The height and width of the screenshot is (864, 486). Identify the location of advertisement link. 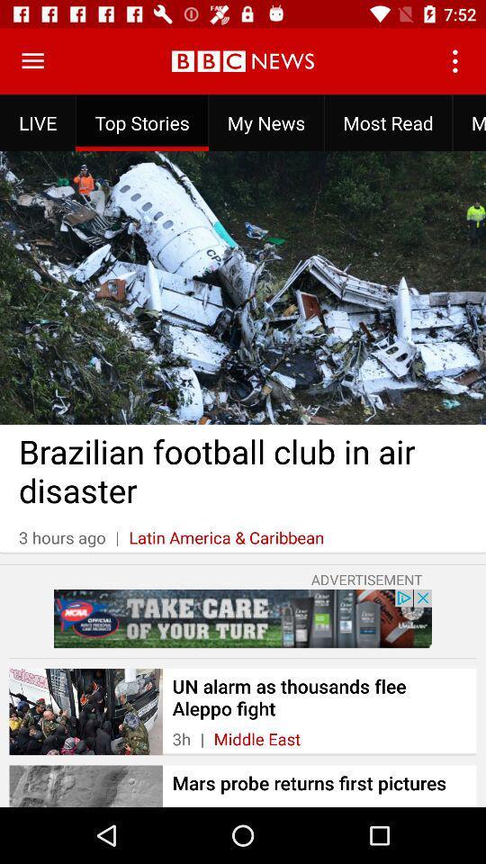
(243, 618).